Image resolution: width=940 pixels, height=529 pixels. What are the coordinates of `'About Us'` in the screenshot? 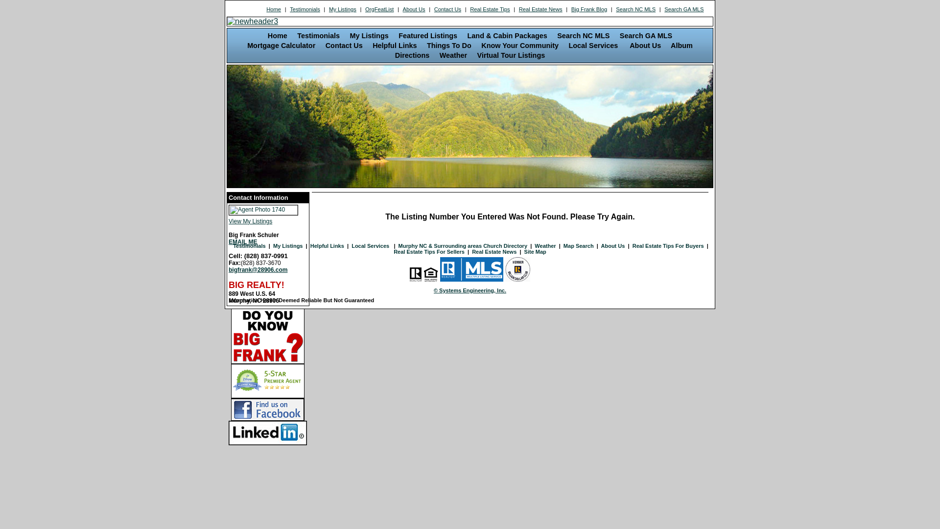 It's located at (645, 45).